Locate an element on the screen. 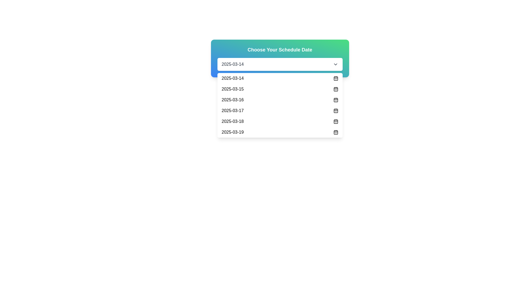 This screenshot has width=518, height=291. the third item is located at coordinates (280, 100).